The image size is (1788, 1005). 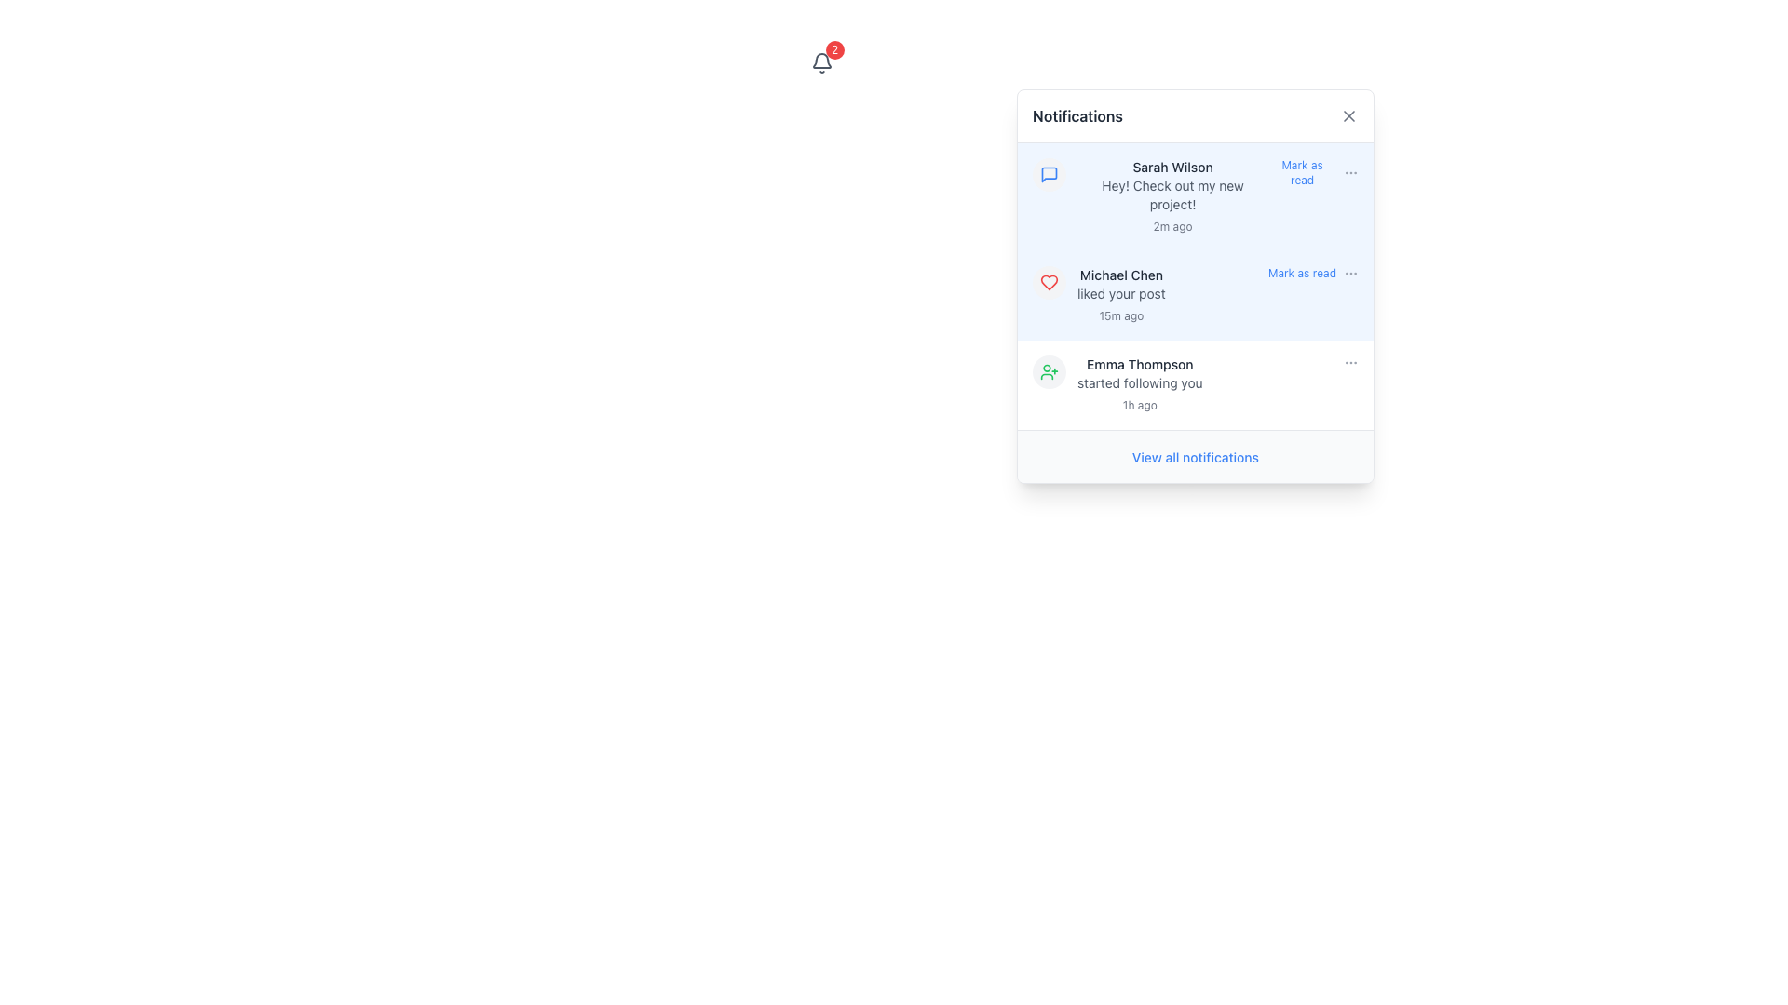 What do you see at coordinates (1050, 175) in the screenshot?
I see `the circular icon with a blue speech bubble design located in the top-left corner of the first notification entry in the notification panel` at bounding box center [1050, 175].